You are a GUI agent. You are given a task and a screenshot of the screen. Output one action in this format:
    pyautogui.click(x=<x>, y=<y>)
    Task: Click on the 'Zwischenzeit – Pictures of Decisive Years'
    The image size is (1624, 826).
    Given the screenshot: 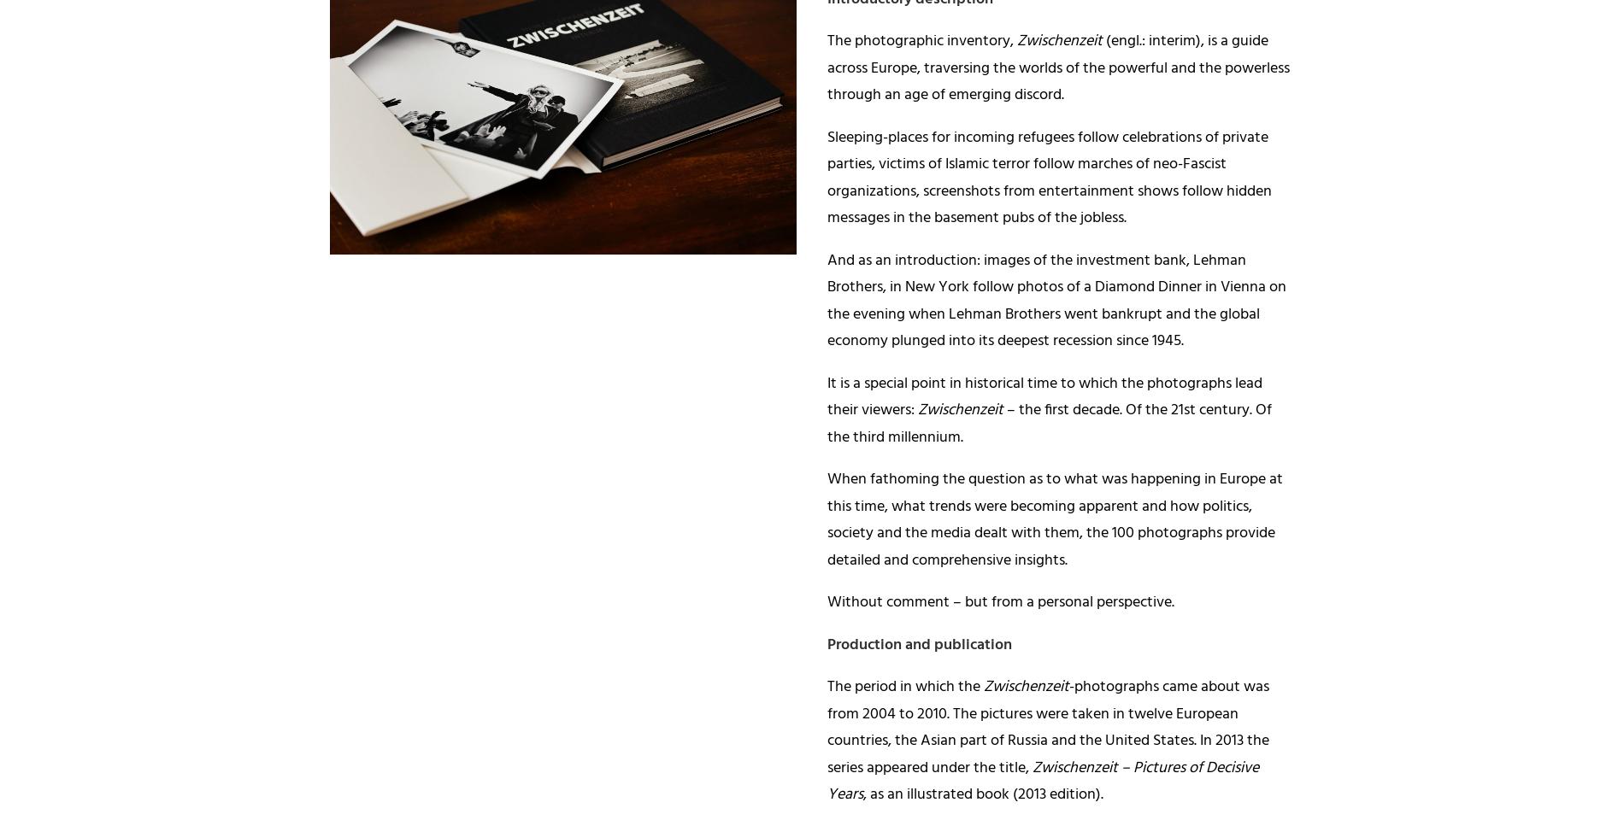 What is the action you would take?
    pyautogui.click(x=1042, y=781)
    